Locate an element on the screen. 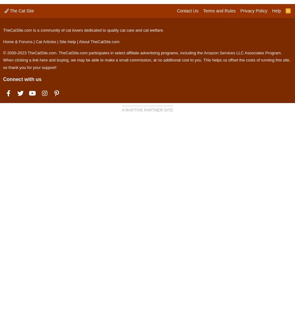  'Home & Forums' is located at coordinates (18, 41).